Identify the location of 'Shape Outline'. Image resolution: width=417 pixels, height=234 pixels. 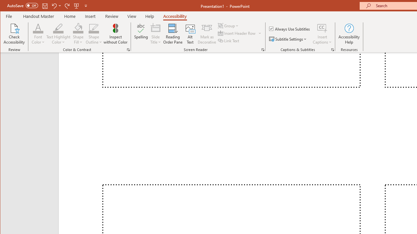
(93, 34).